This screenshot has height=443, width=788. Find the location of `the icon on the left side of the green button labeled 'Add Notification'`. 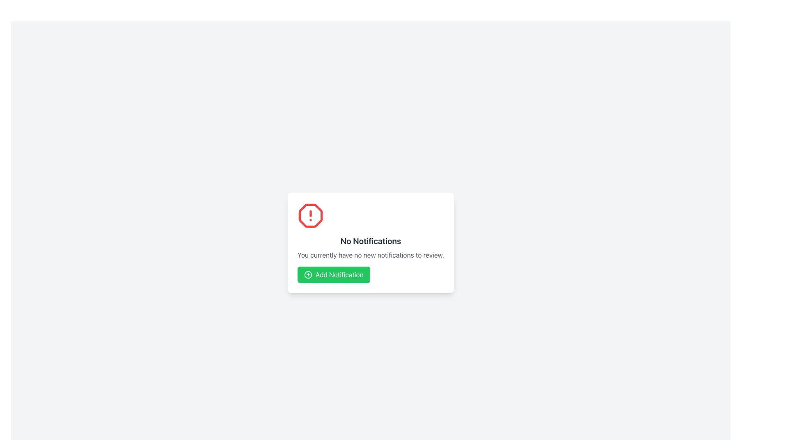

the icon on the left side of the green button labeled 'Add Notification' is located at coordinates (307, 275).